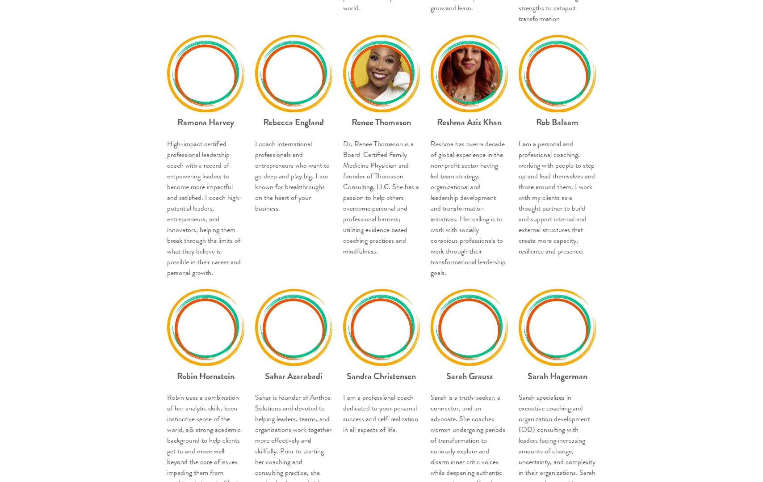 The height and width of the screenshot is (482, 763). I want to click on 'Ramona Harvey', so click(205, 122).